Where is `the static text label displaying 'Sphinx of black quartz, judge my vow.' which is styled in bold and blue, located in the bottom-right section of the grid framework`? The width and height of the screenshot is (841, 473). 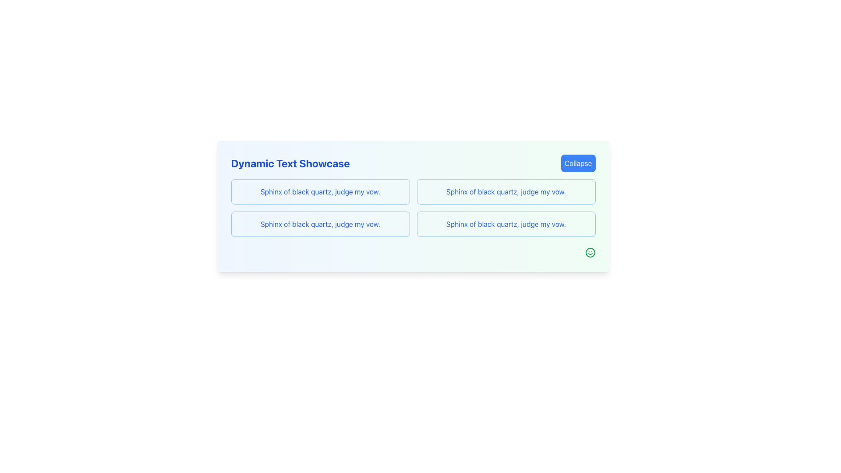
the static text label displaying 'Sphinx of black quartz, judge my vow.' which is styled in bold and blue, located in the bottom-right section of the grid framework is located at coordinates (506, 224).